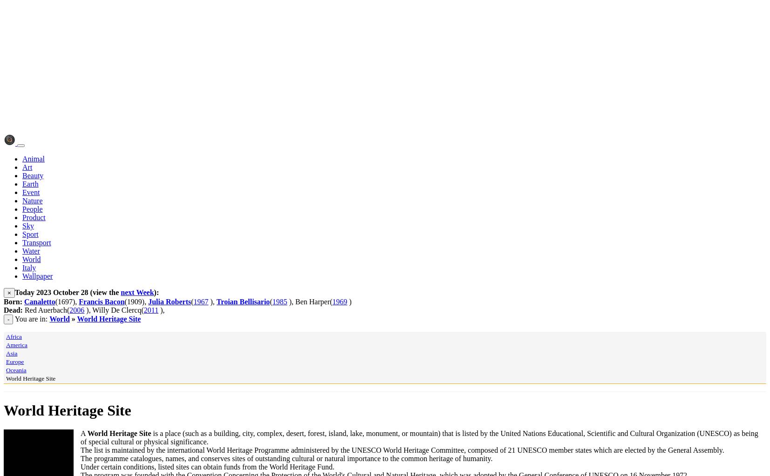 This screenshot has width=770, height=476. I want to click on 'Europe', so click(14, 361).